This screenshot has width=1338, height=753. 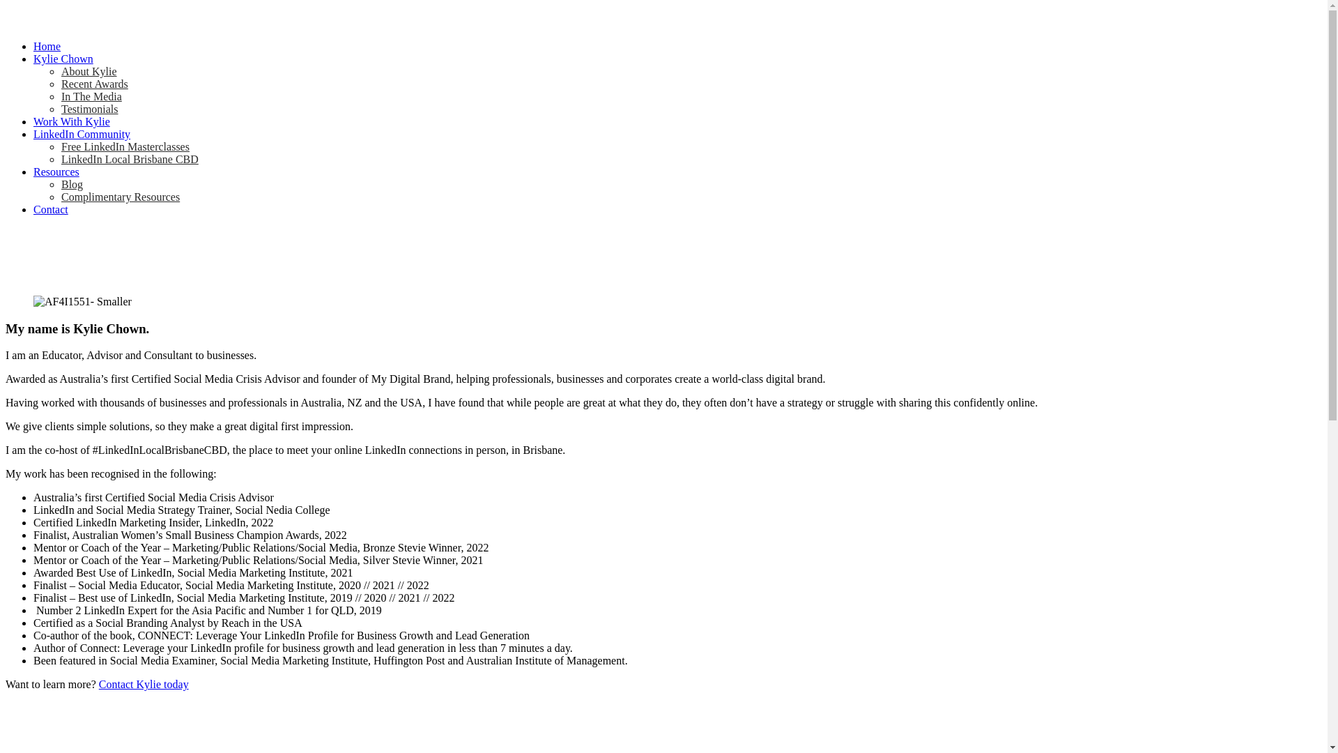 What do you see at coordinates (50, 209) in the screenshot?
I see `'Contact'` at bounding box center [50, 209].